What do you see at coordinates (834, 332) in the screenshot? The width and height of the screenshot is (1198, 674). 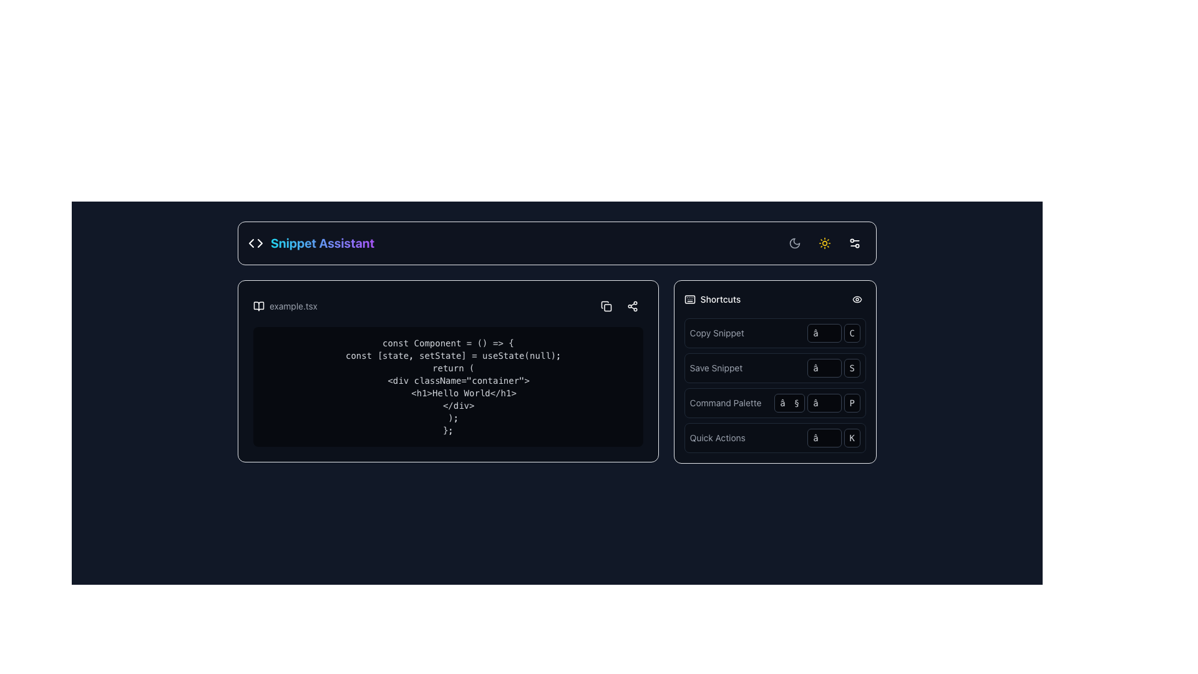 I see `the Keyboard shortcut display, which consists of two sections showing '⌘' and 'C', located within the 'Copy Snippet' button area, to the right of the label 'Copy Snippet'` at bounding box center [834, 332].